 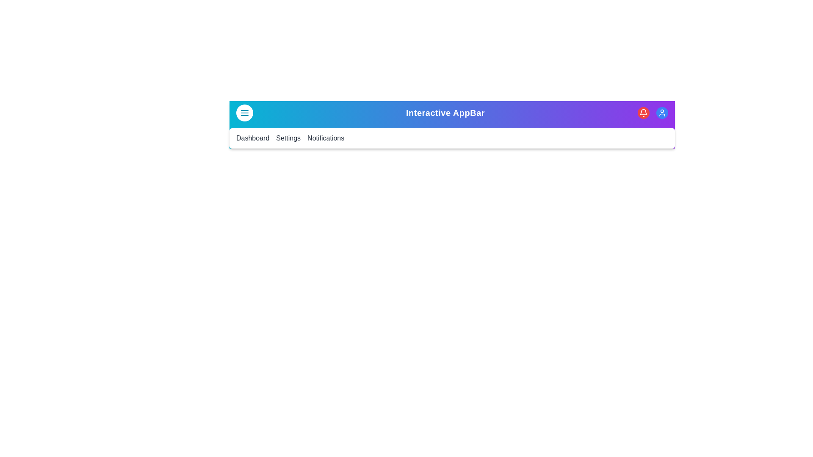 I want to click on the notification icon to trigger its interaction, so click(x=644, y=112).